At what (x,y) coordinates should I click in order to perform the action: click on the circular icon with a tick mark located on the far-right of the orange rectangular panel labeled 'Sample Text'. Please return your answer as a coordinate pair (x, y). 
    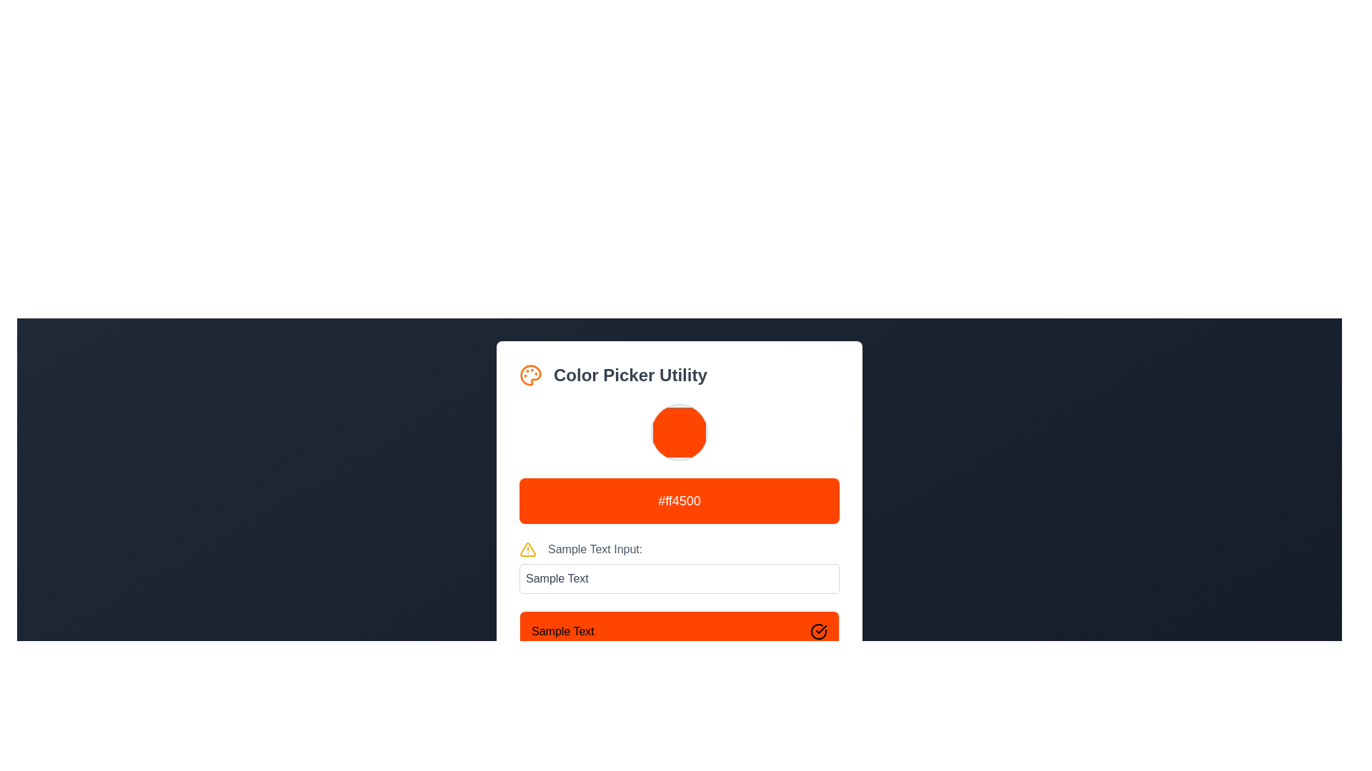
    Looking at the image, I should click on (819, 630).